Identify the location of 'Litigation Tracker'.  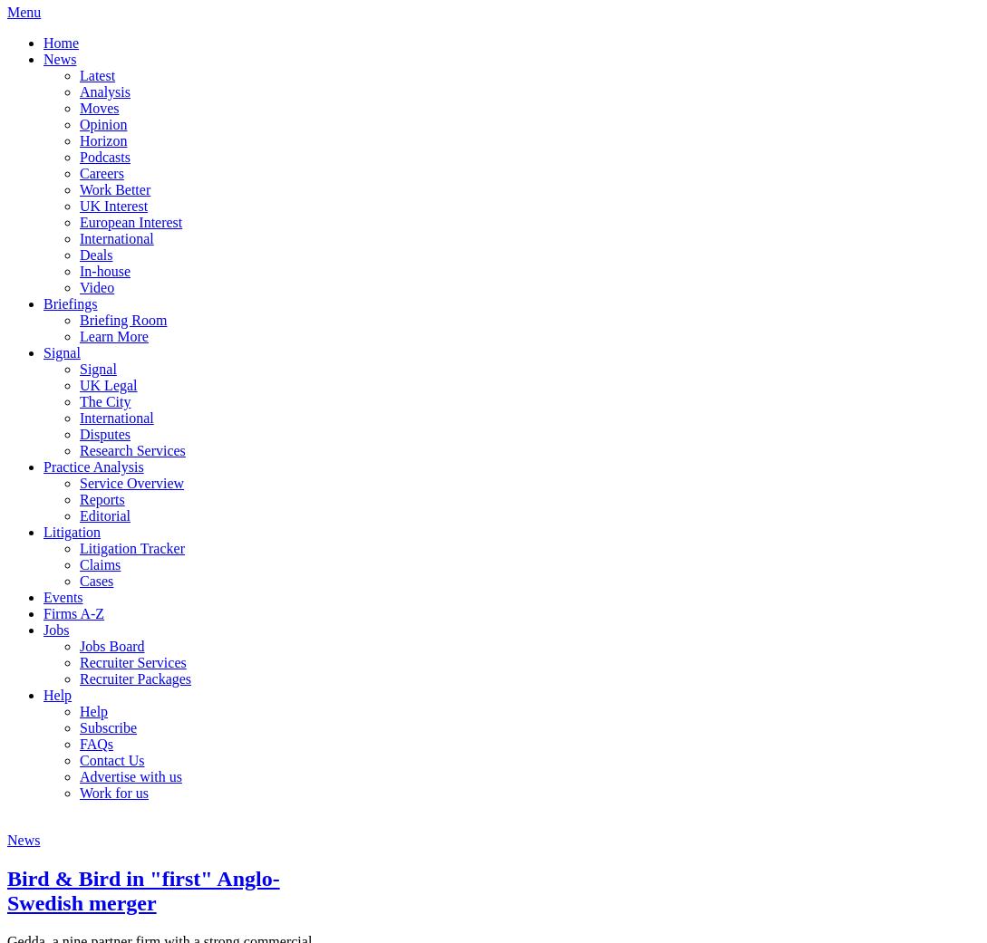
(79, 547).